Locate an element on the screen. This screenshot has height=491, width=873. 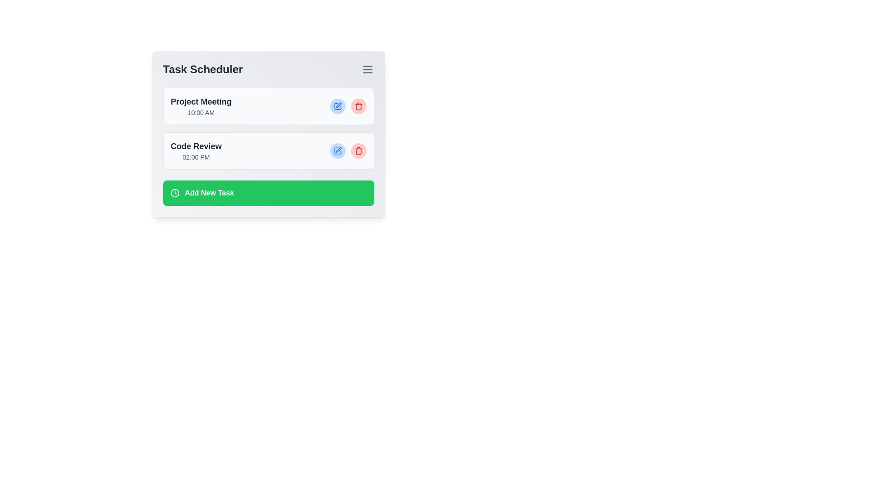
the trash can icon is located at coordinates (358, 151).